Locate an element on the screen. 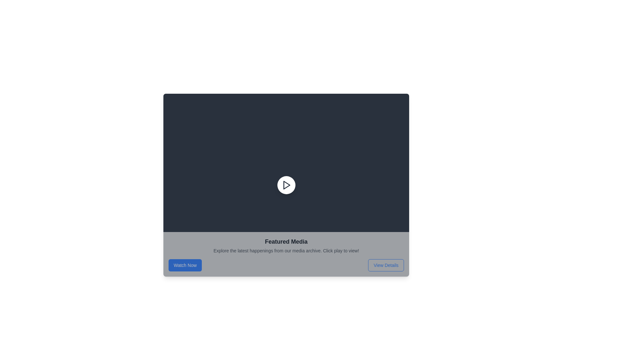  the central play button icon located within the dark rectangle at the upper portion of the layout is located at coordinates (286, 185).